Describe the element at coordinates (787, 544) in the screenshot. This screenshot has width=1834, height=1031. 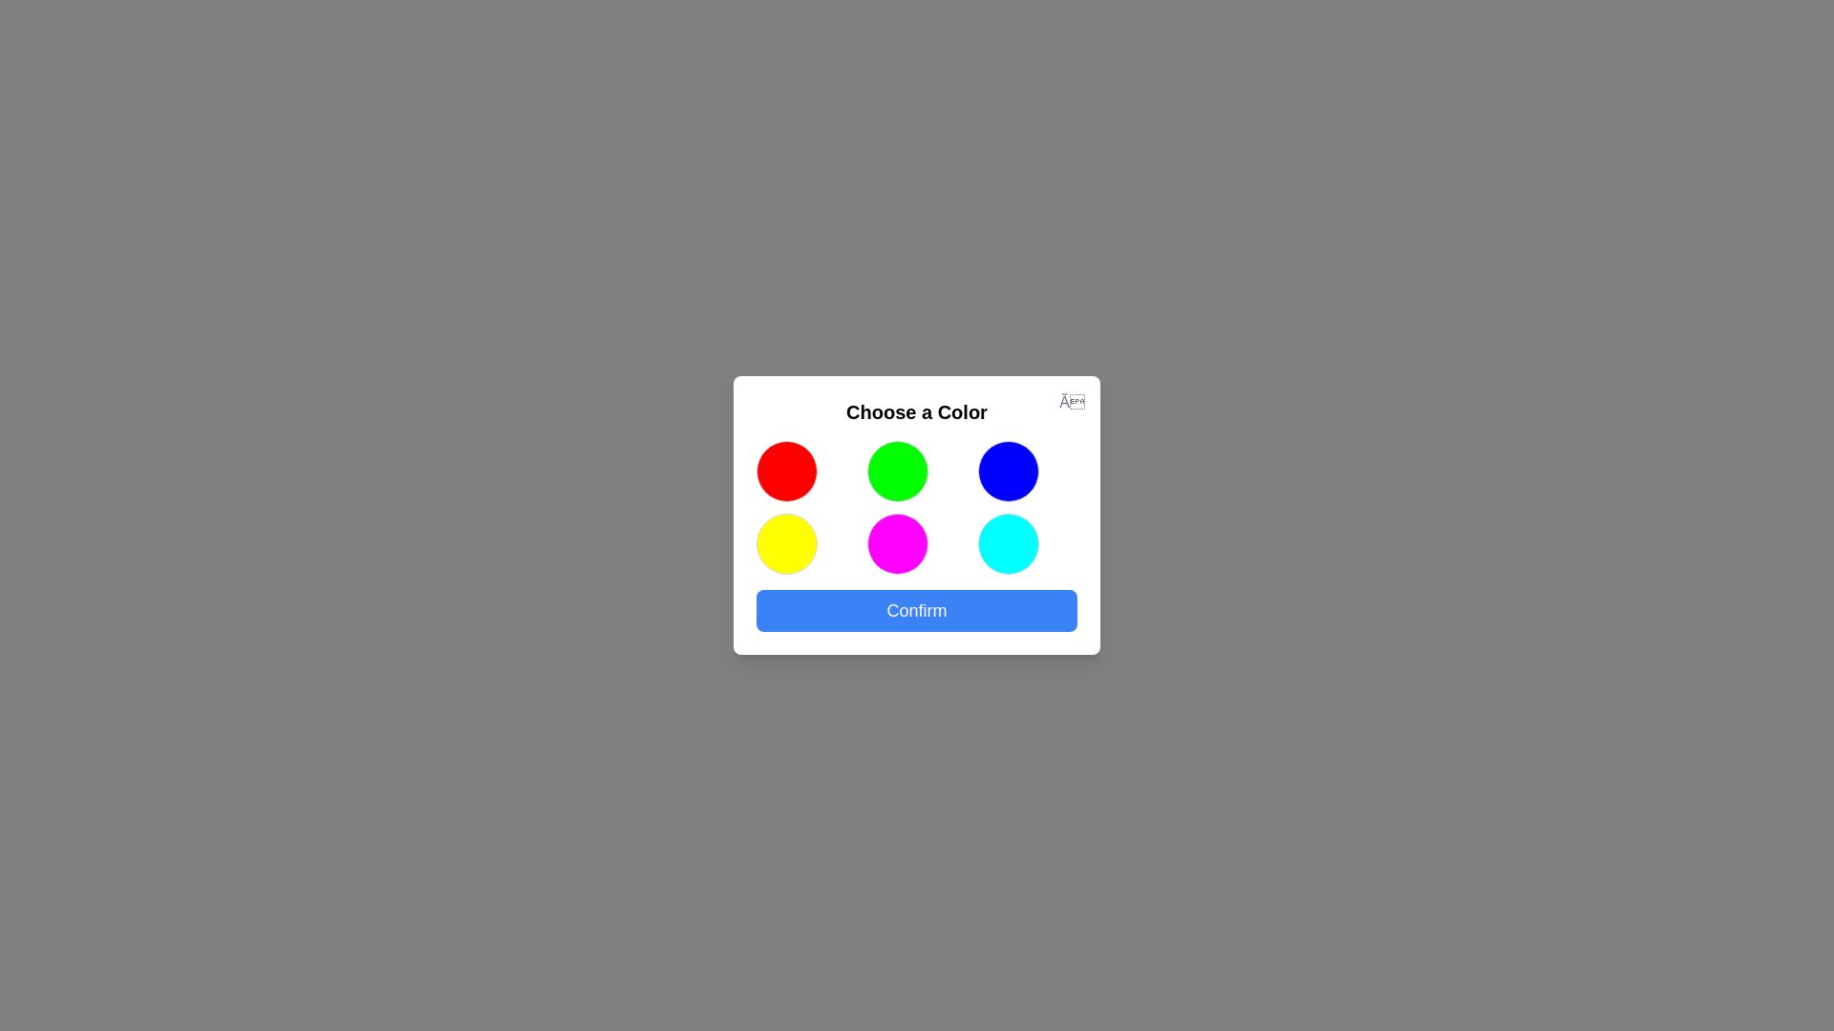
I see `the colored circle corresponding to yellow` at that location.